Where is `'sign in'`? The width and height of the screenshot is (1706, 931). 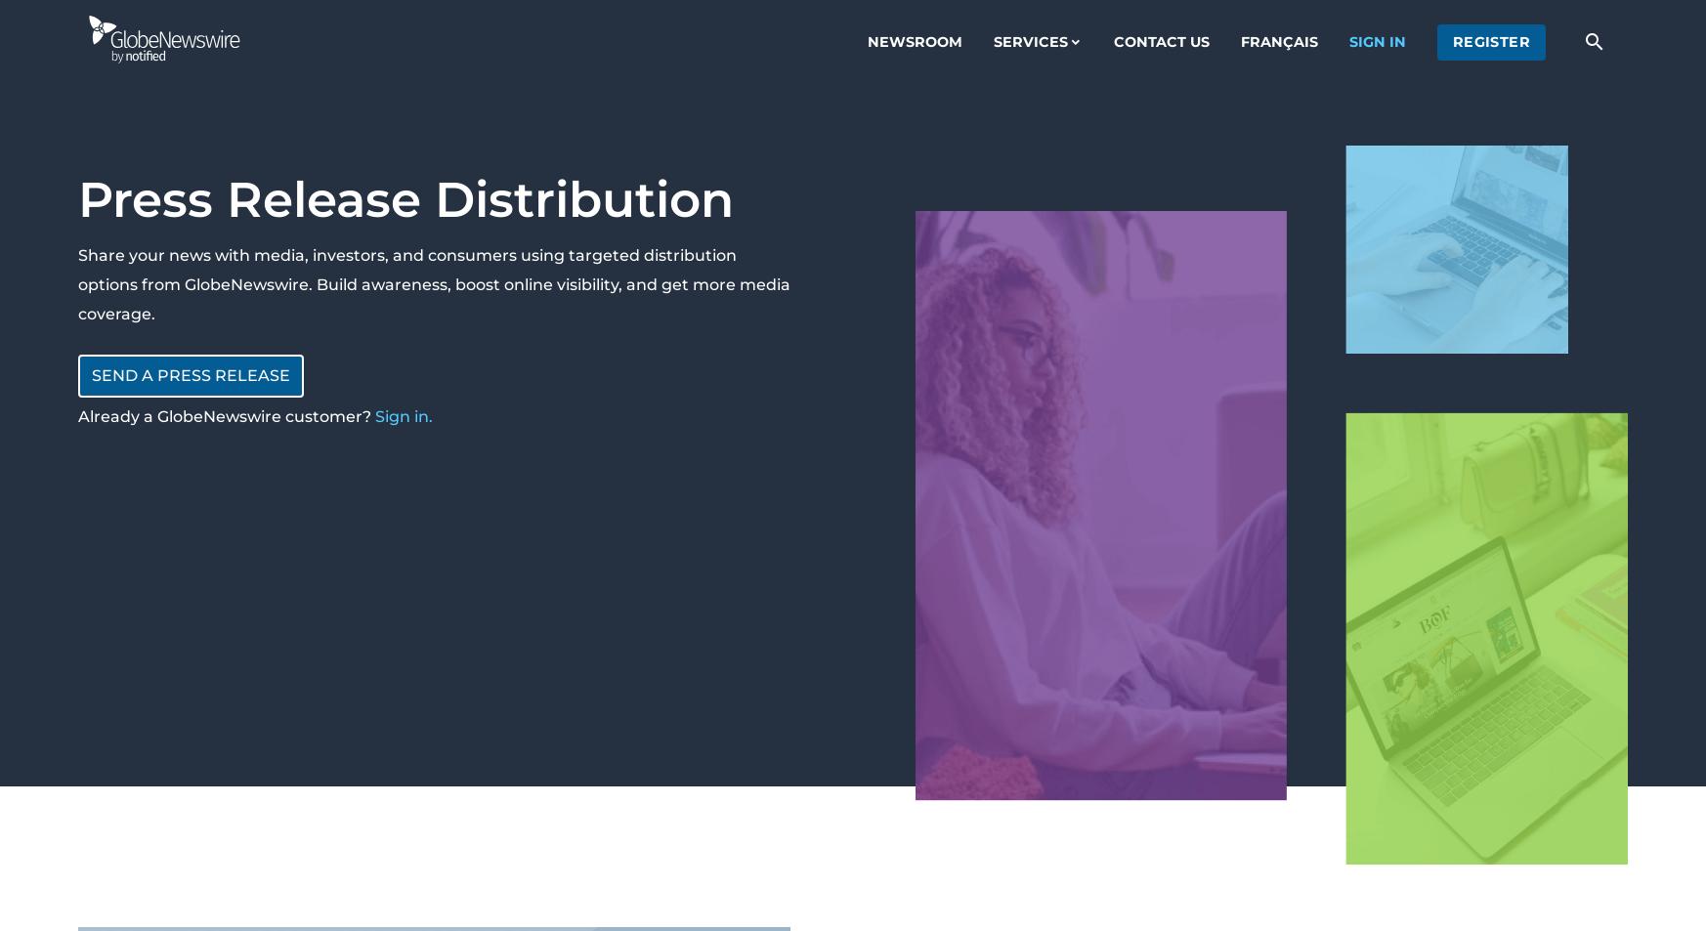 'sign in' is located at coordinates (1376, 40).